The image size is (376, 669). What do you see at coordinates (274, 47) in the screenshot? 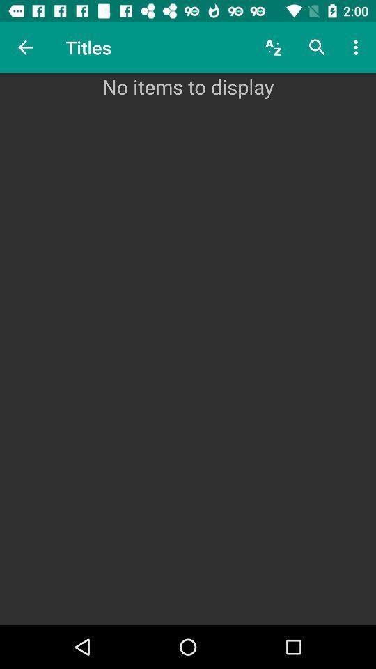
I see `item to the right of the titles item` at bounding box center [274, 47].